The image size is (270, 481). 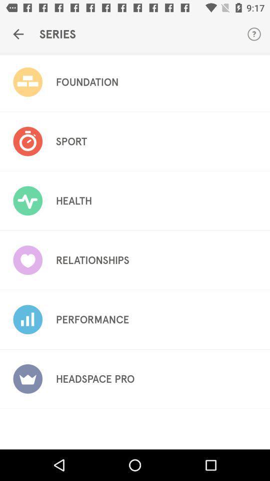 I want to click on performance, so click(x=92, y=319).